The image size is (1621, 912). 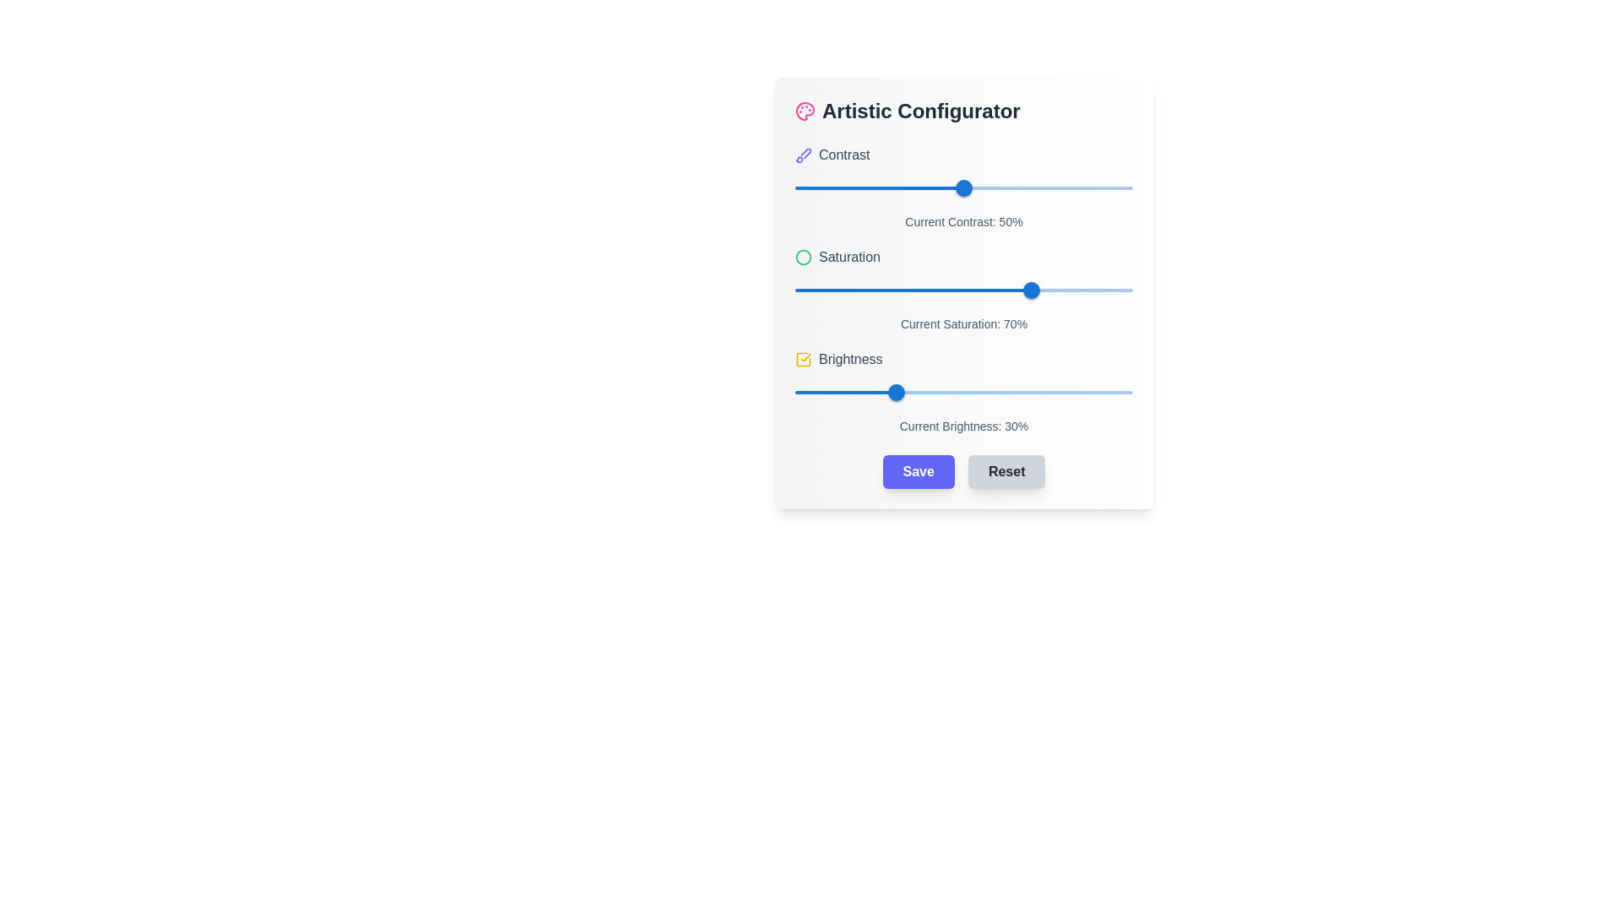 I want to click on the contrast level, so click(x=892, y=188).